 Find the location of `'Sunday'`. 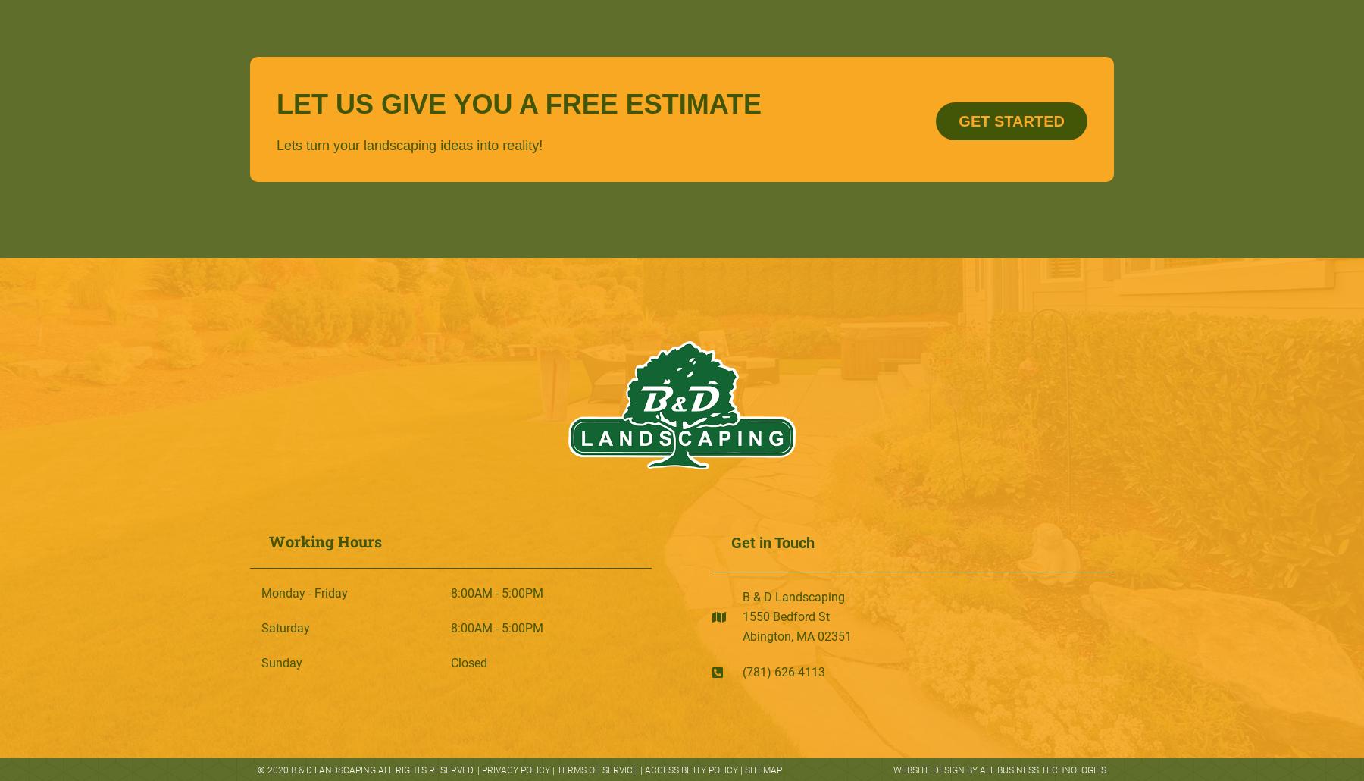

'Sunday' is located at coordinates (261, 663).